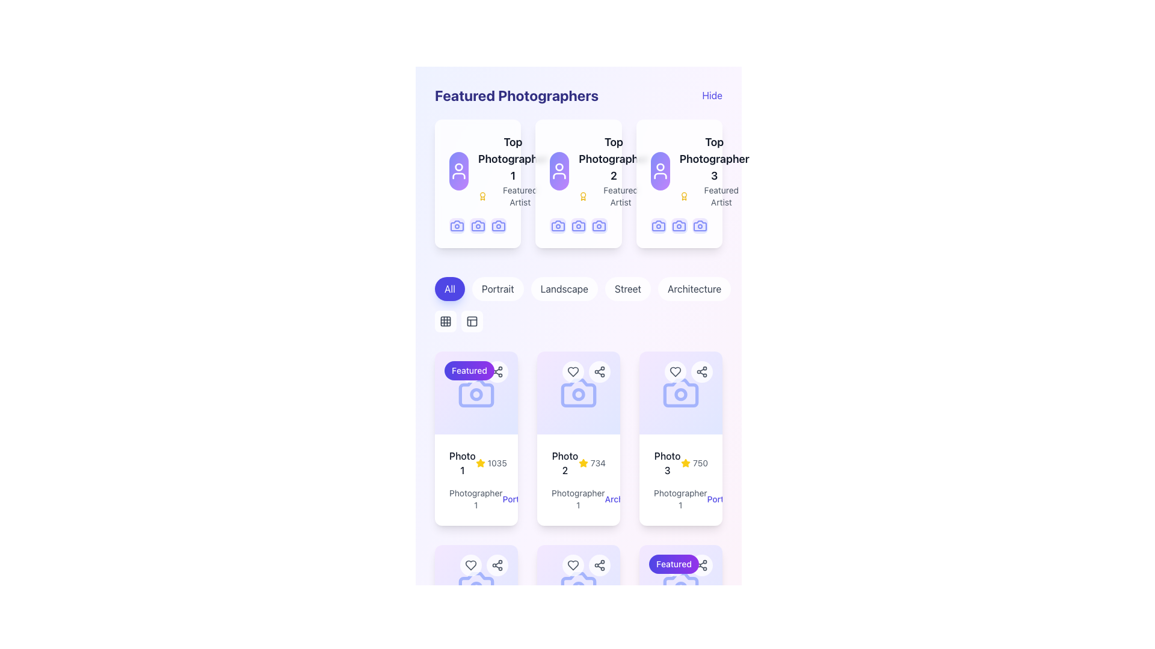 Image resolution: width=1155 pixels, height=649 pixels. Describe the element at coordinates (578, 499) in the screenshot. I see `the text with a hyperlink that identifies the photographer and their associated category or style, located in the lower section of the 'Photo 2' card` at that location.